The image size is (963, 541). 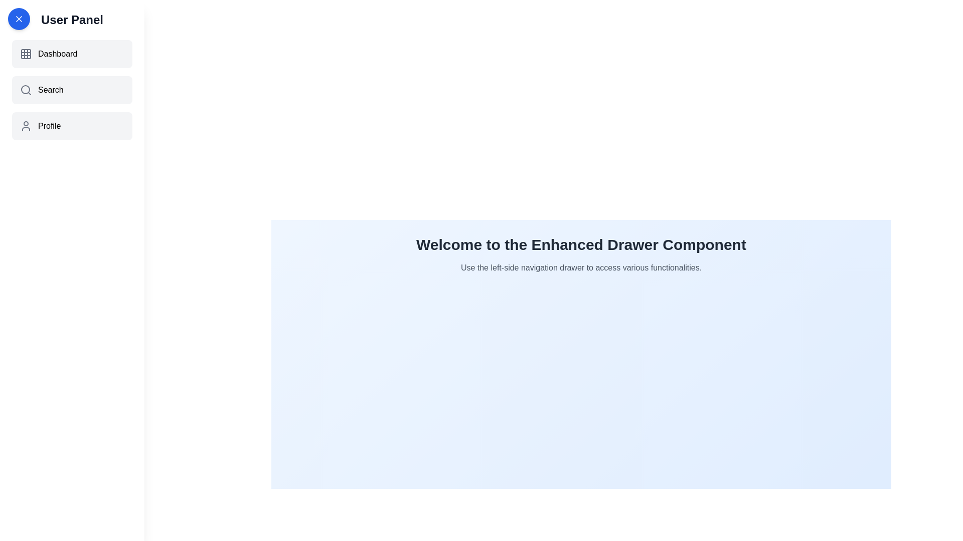 I want to click on the user profile SVG icon located in the navigation panel next to the 'Profile' text, so click(x=26, y=125).